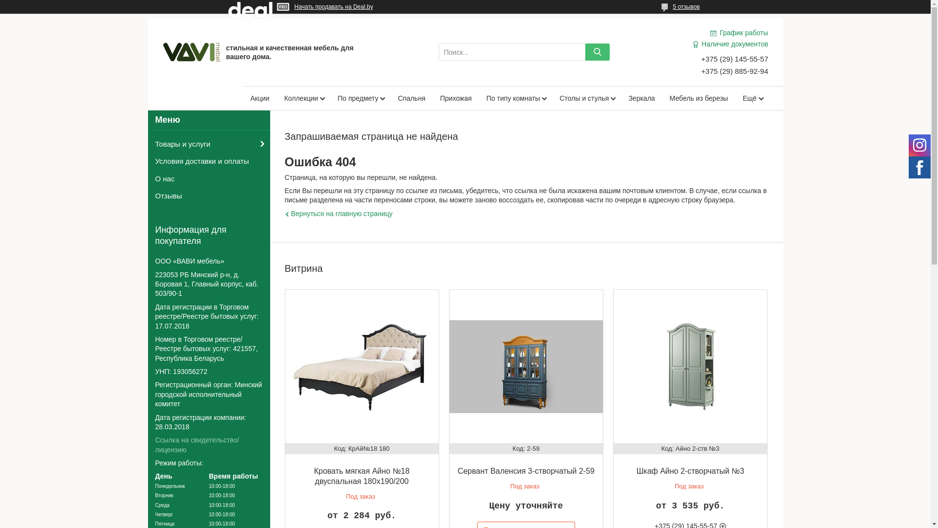 This screenshot has width=938, height=528. What do you see at coordinates (162, 51) in the screenshot?
I see `'VAVI Group'` at bounding box center [162, 51].